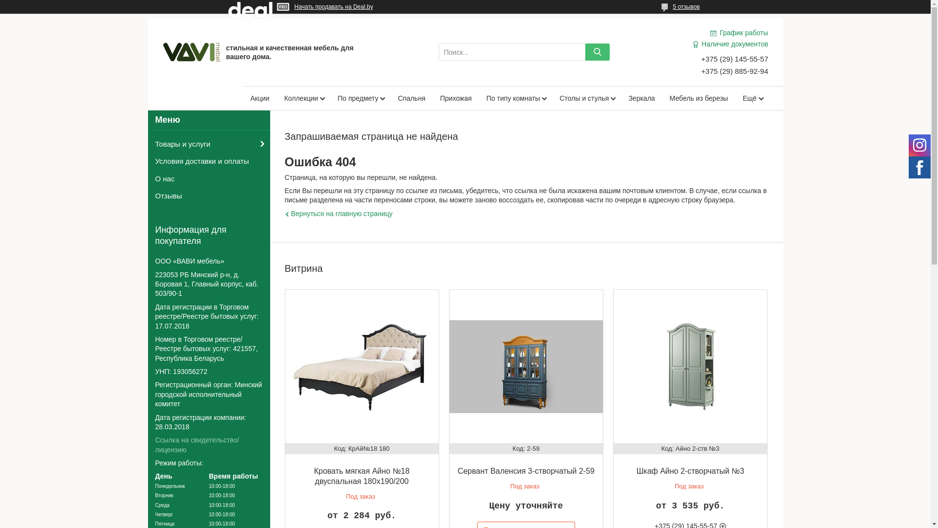 This screenshot has width=938, height=528. What do you see at coordinates (162, 51) in the screenshot?
I see `'VAVI Group'` at bounding box center [162, 51].